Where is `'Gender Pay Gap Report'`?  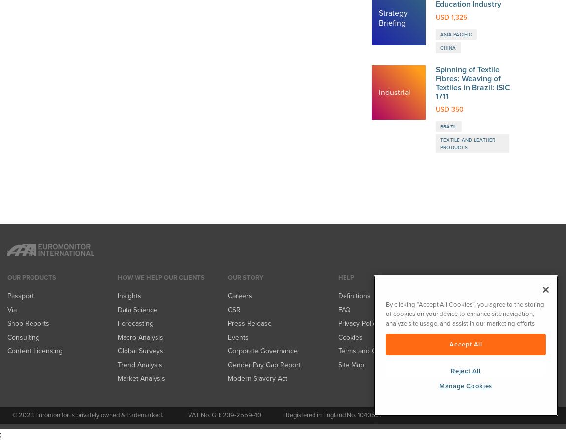
'Gender Pay Gap Report' is located at coordinates (264, 44).